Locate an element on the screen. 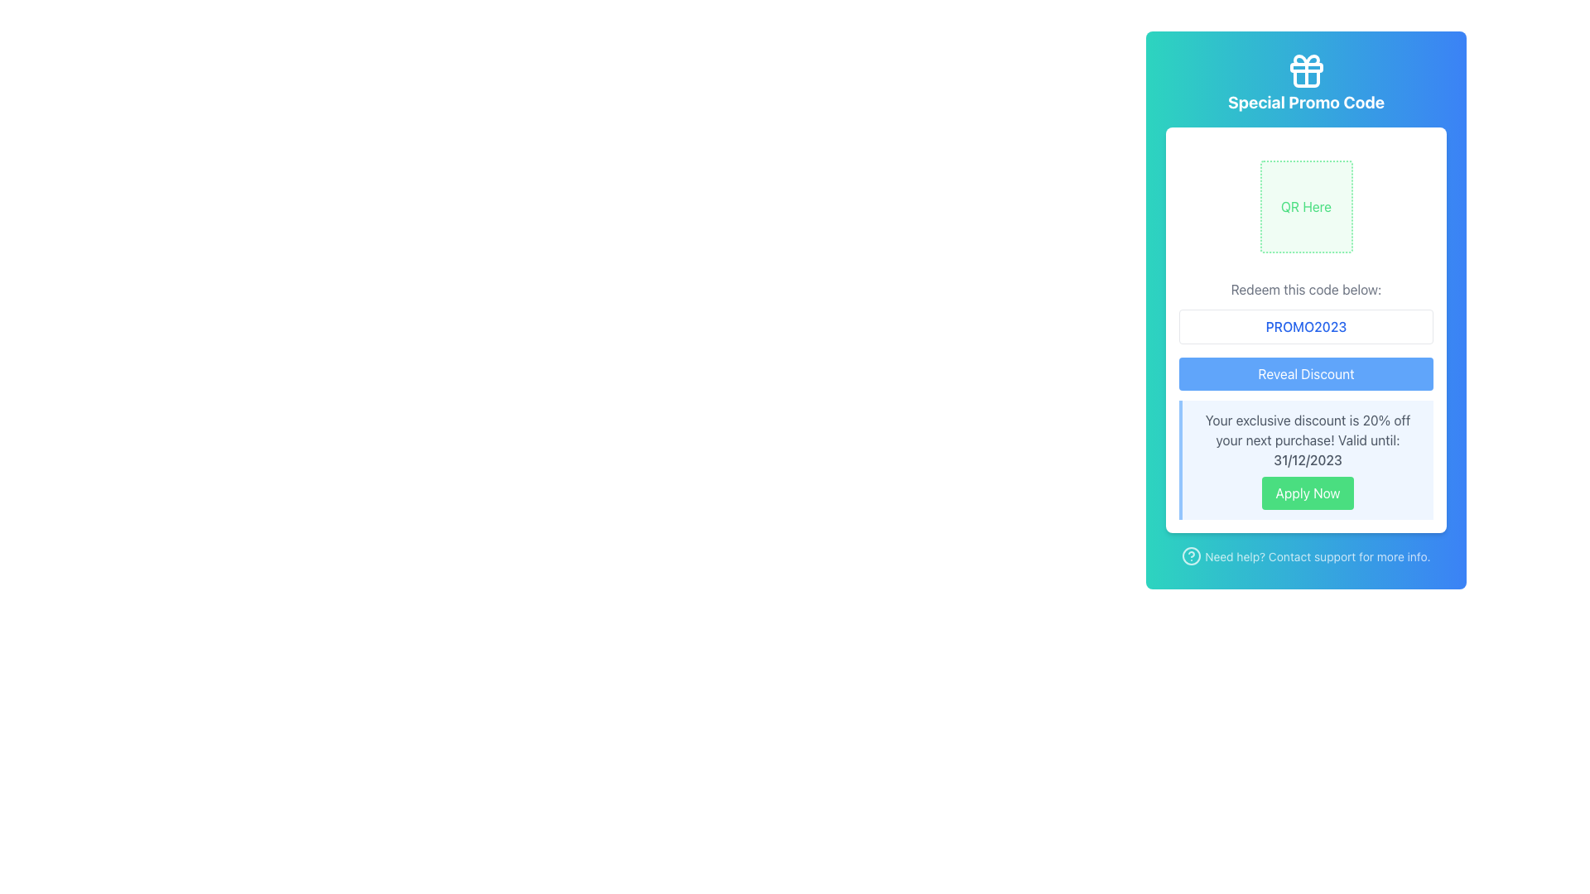 The image size is (1590, 894). the Text label displaying '31/12/2023', which is part of a promotional offer summary at the bottom-center of the card layout is located at coordinates (1307, 459).